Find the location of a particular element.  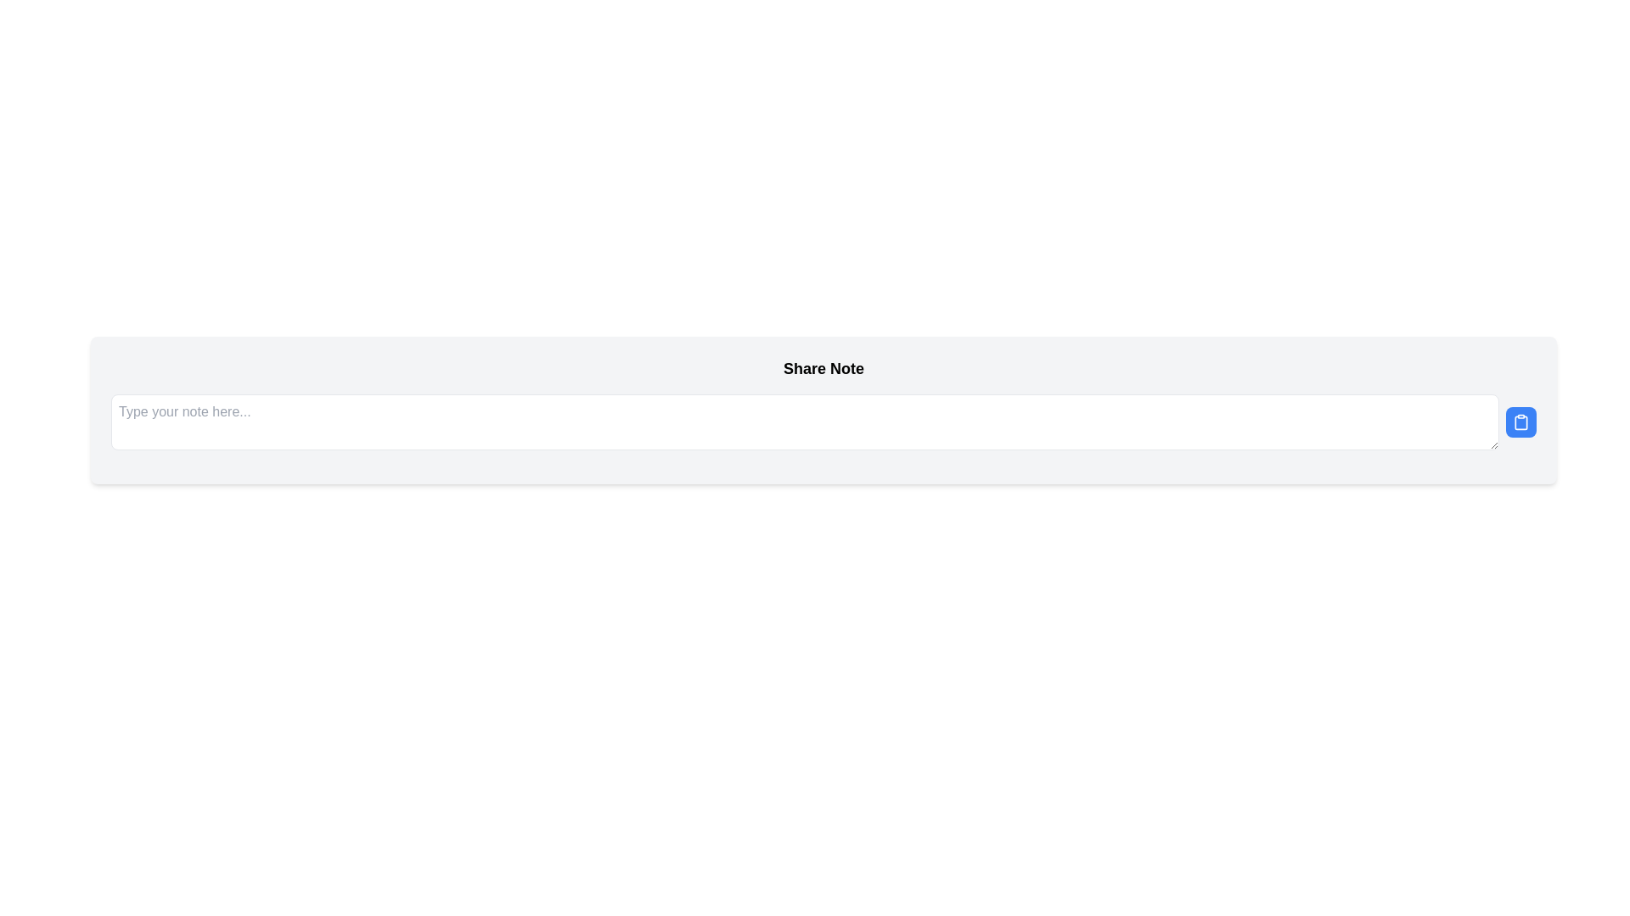

the clipboard icon button located at the far right end of the text input field is located at coordinates (1520, 421).